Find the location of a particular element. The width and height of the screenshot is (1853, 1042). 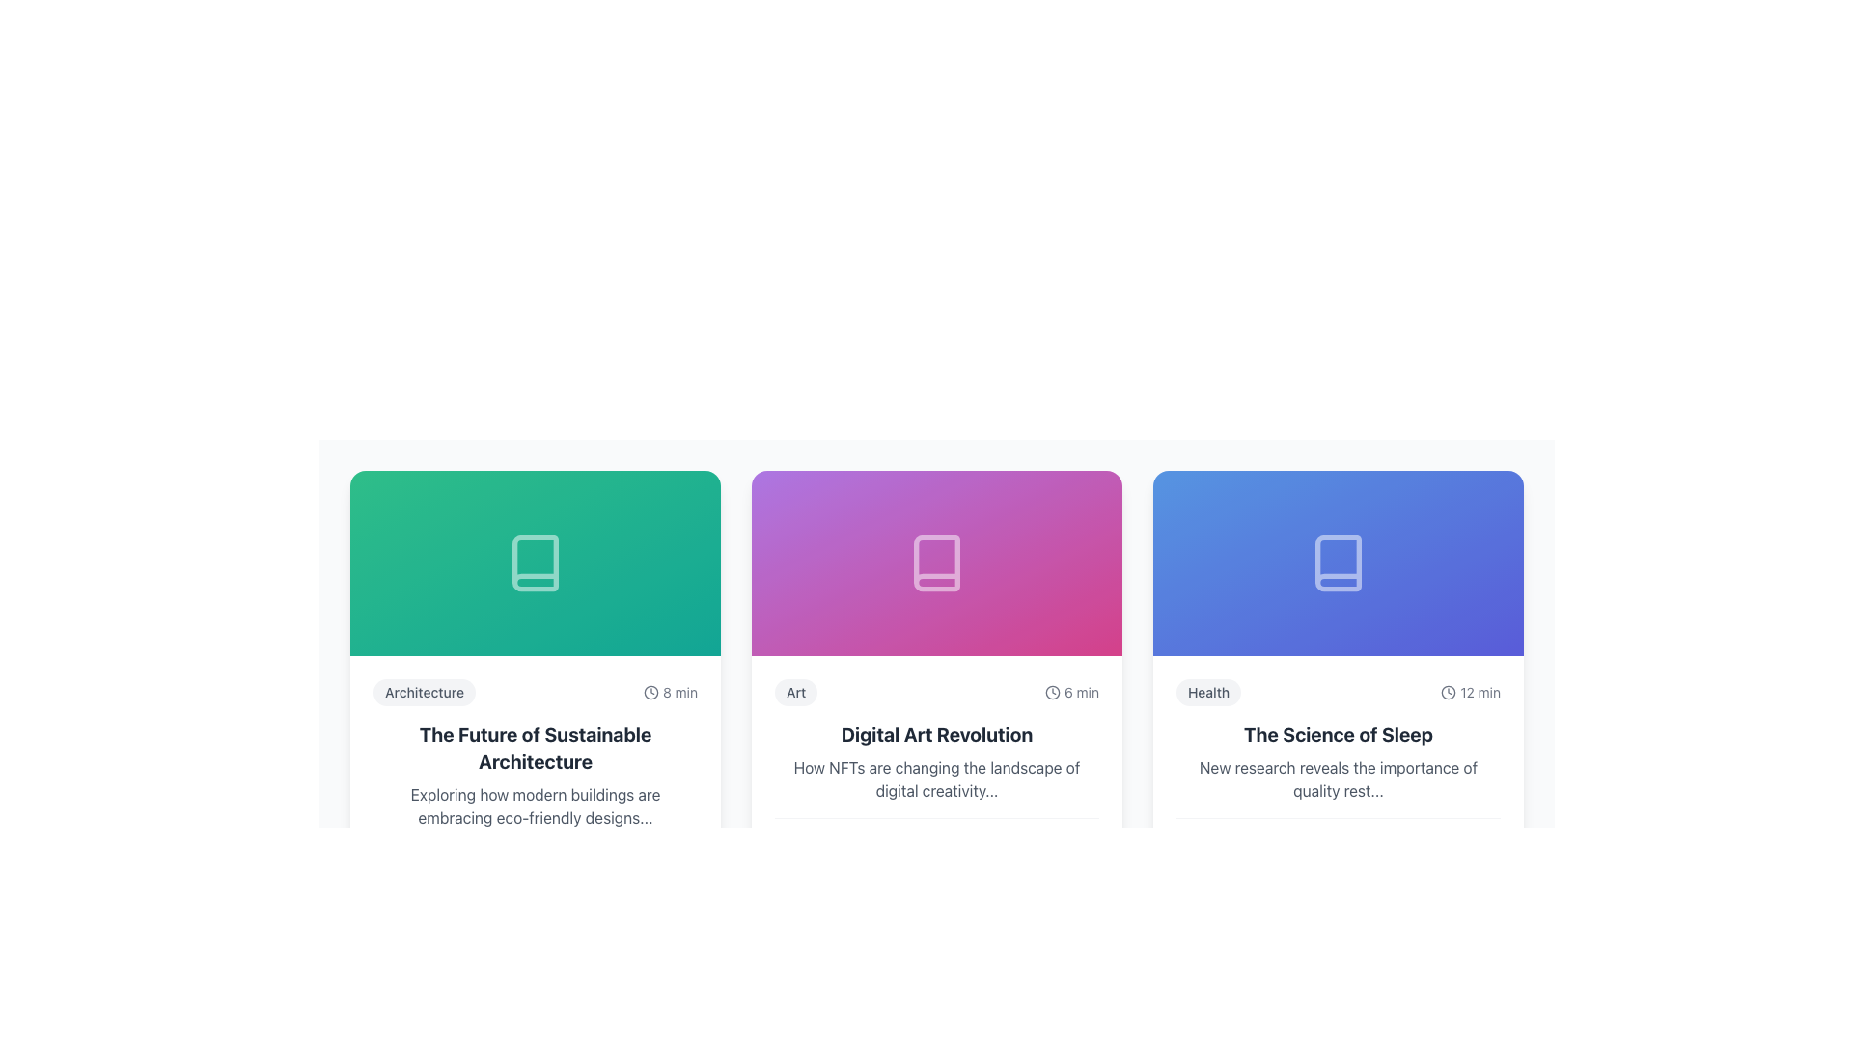

the decorative icon located in the upper half of the middle card titled 'Digital Art Revolution' within a grid layout is located at coordinates (936, 562).